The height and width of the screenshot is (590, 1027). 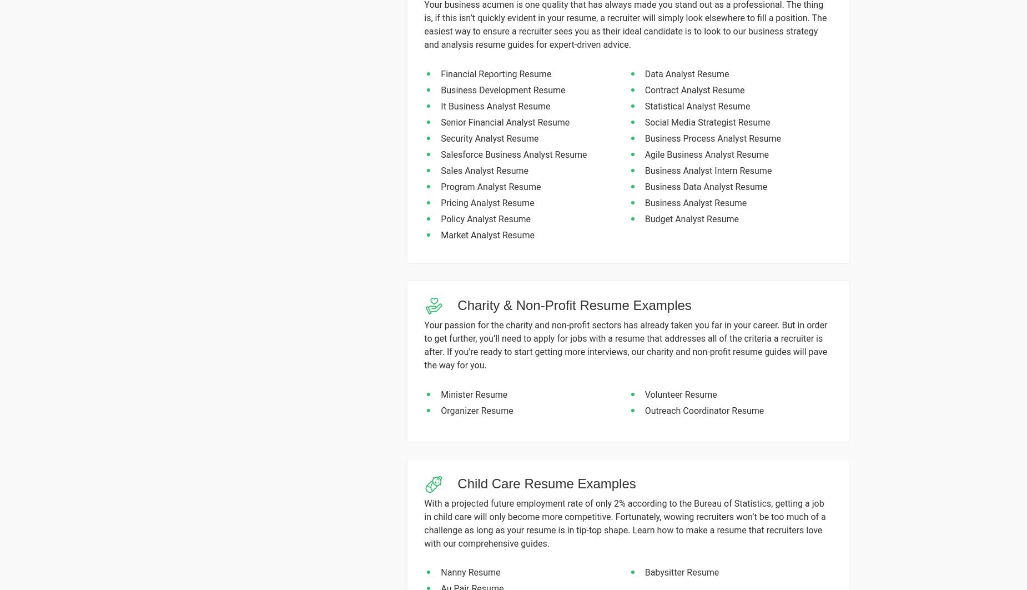 I want to click on 'Contract Analyst Resume', so click(x=693, y=89).